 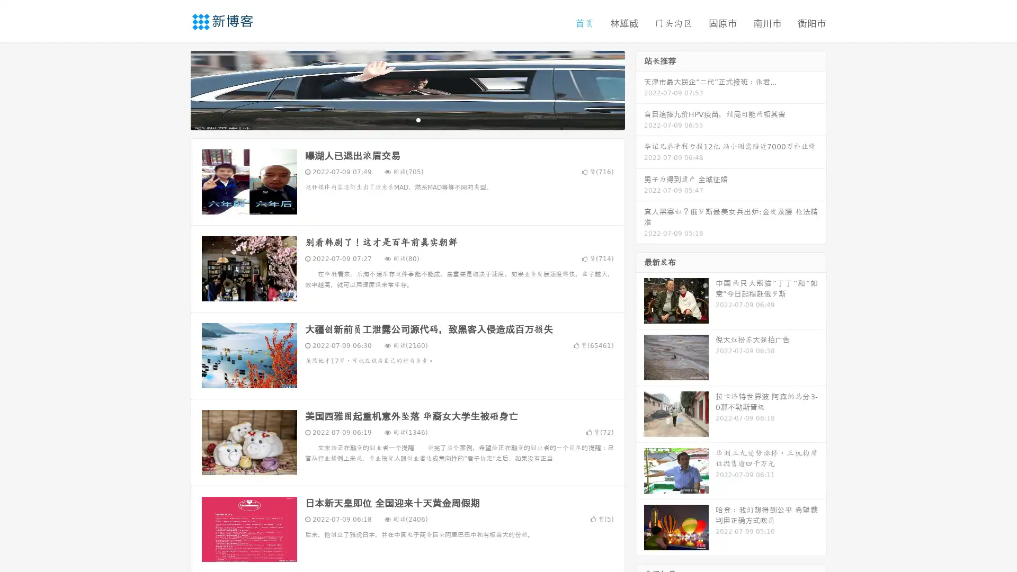 What do you see at coordinates (407, 119) in the screenshot?
I see `Go to slide 2` at bounding box center [407, 119].